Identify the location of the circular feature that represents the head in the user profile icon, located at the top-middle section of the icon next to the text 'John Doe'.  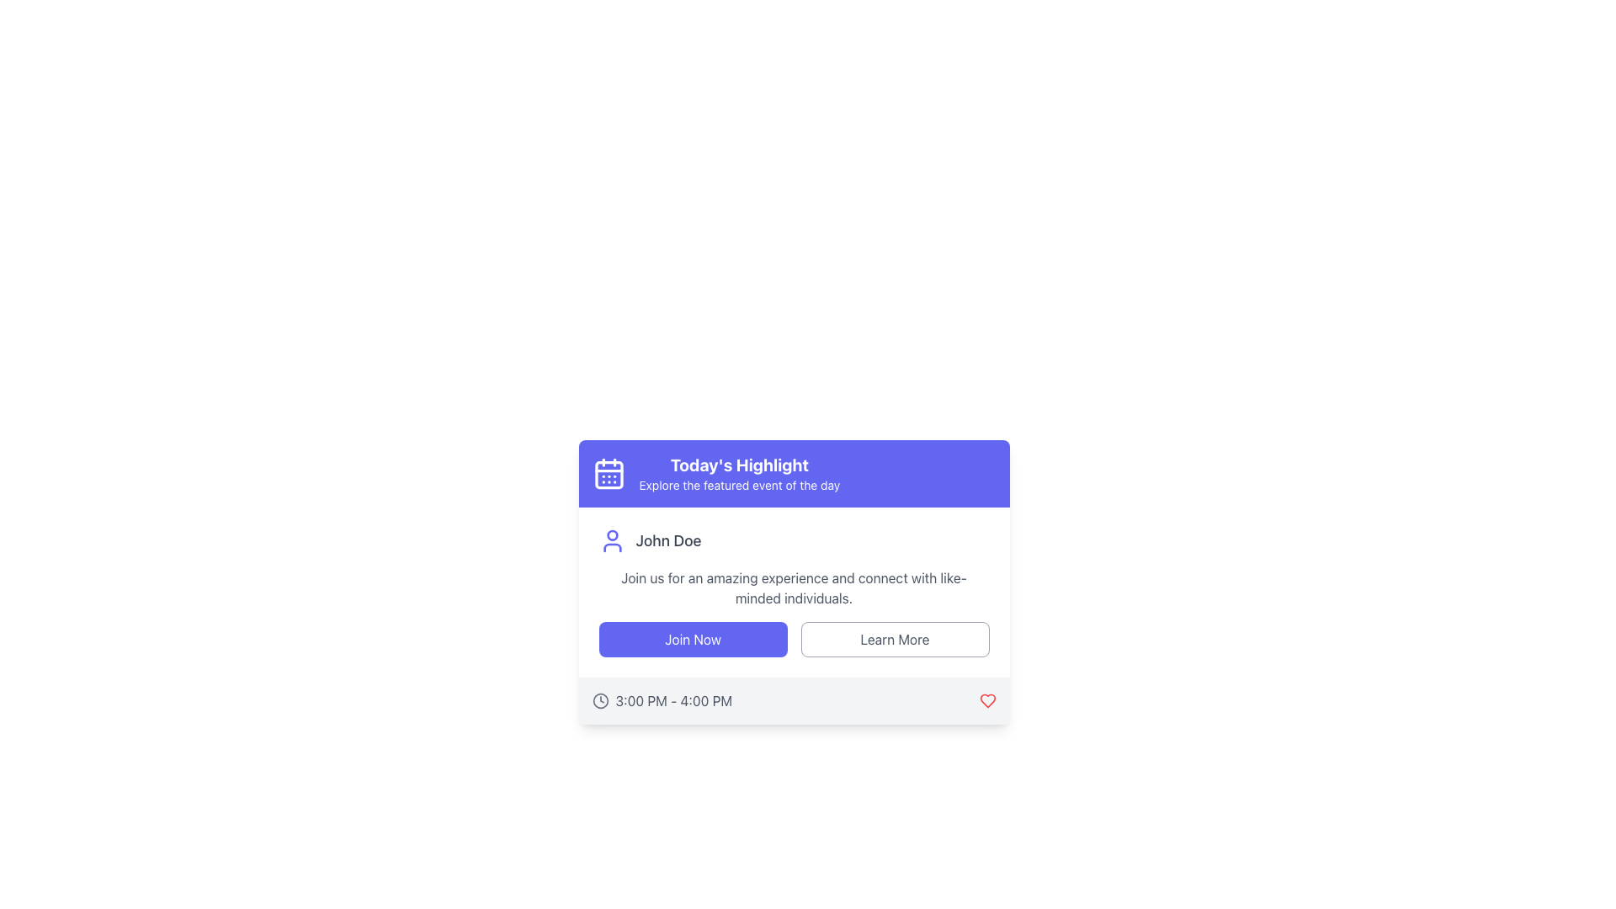
(611, 535).